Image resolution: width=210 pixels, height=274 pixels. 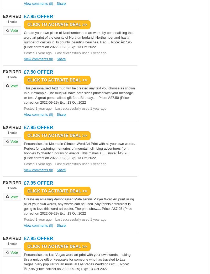 I want to click on 'Personalise this Mountain Climber Word Art Print with all your own words. Perfect for capturing memories of mountain climbing adventures from hobbies to charity fundraising events. This makes a l.... Price: Â£7.95 (Price correct on 2022-09-29) Exp: 13 Oct 2022', so click(x=79, y=150).